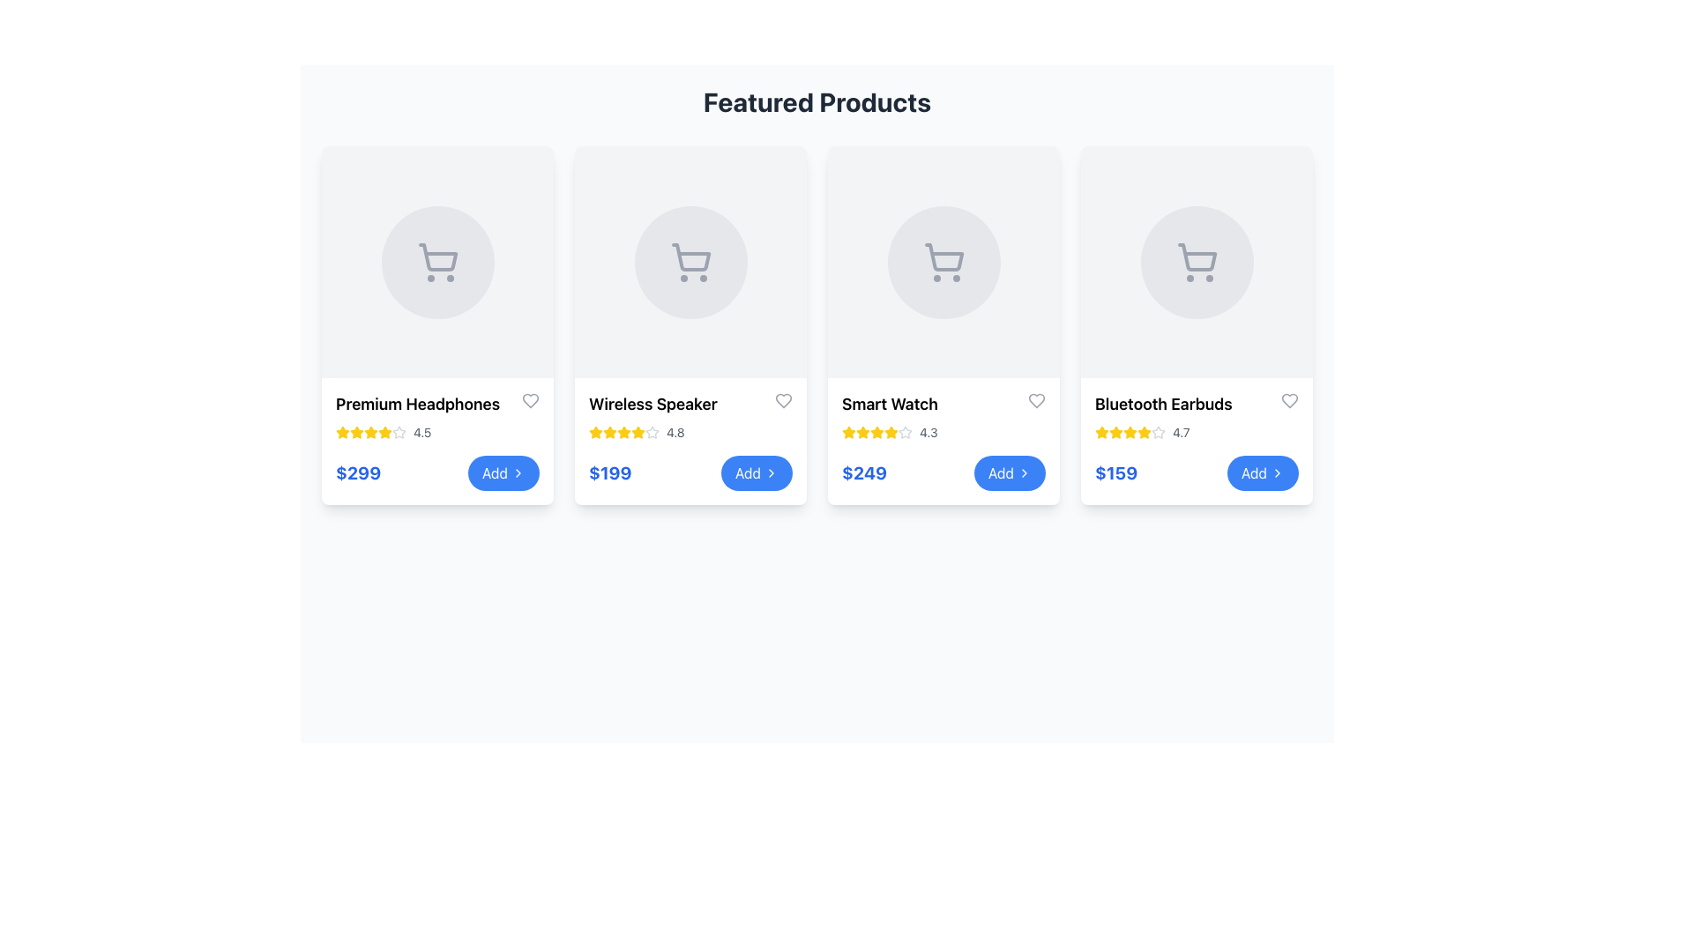  Describe the element at coordinates (342, 432) in the screenshot. I see `the yellow star-shaped icon representing the graphical star symbol located in the 'Premium Headphones' product card, positioned next to the textual rating indicator at the top-left corner of the card's bottom section` at that location.